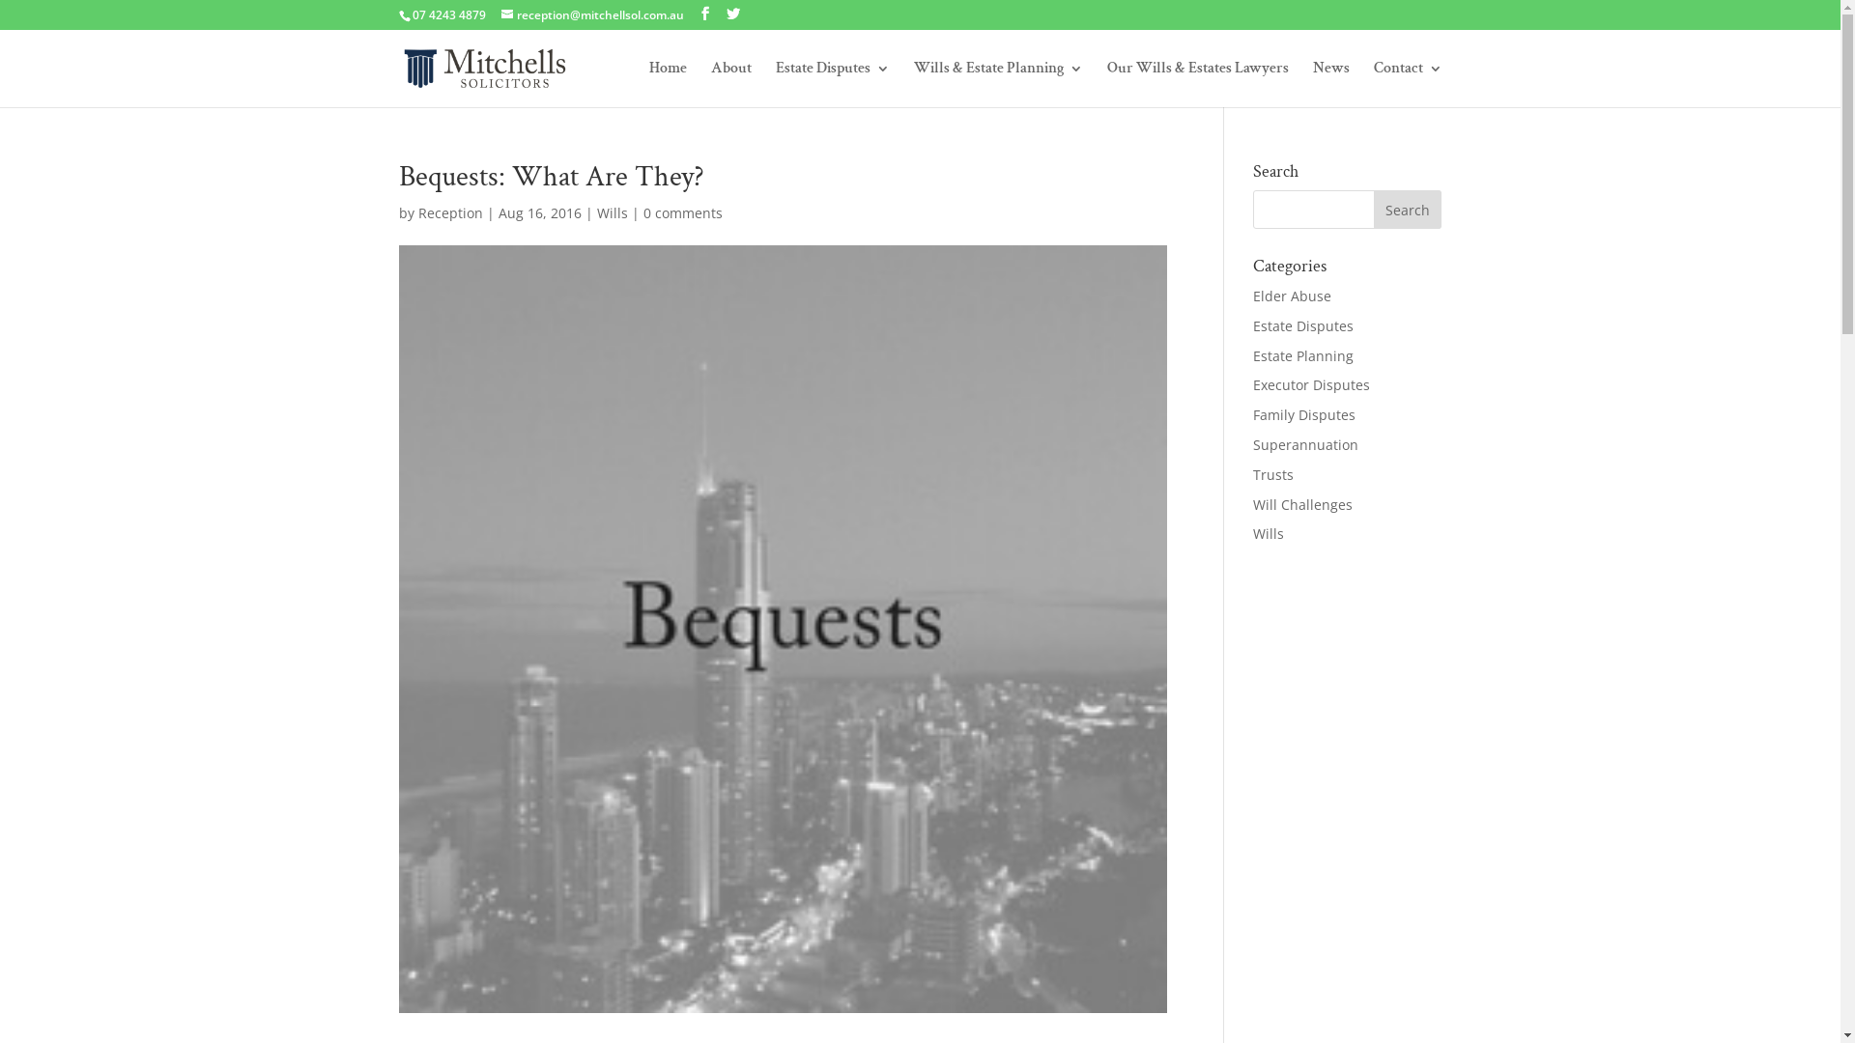 The image size is (1855, 1043). Describe the element at coordinates (1273, 474) in the screenshot. I see `'Trusts'` at that location.